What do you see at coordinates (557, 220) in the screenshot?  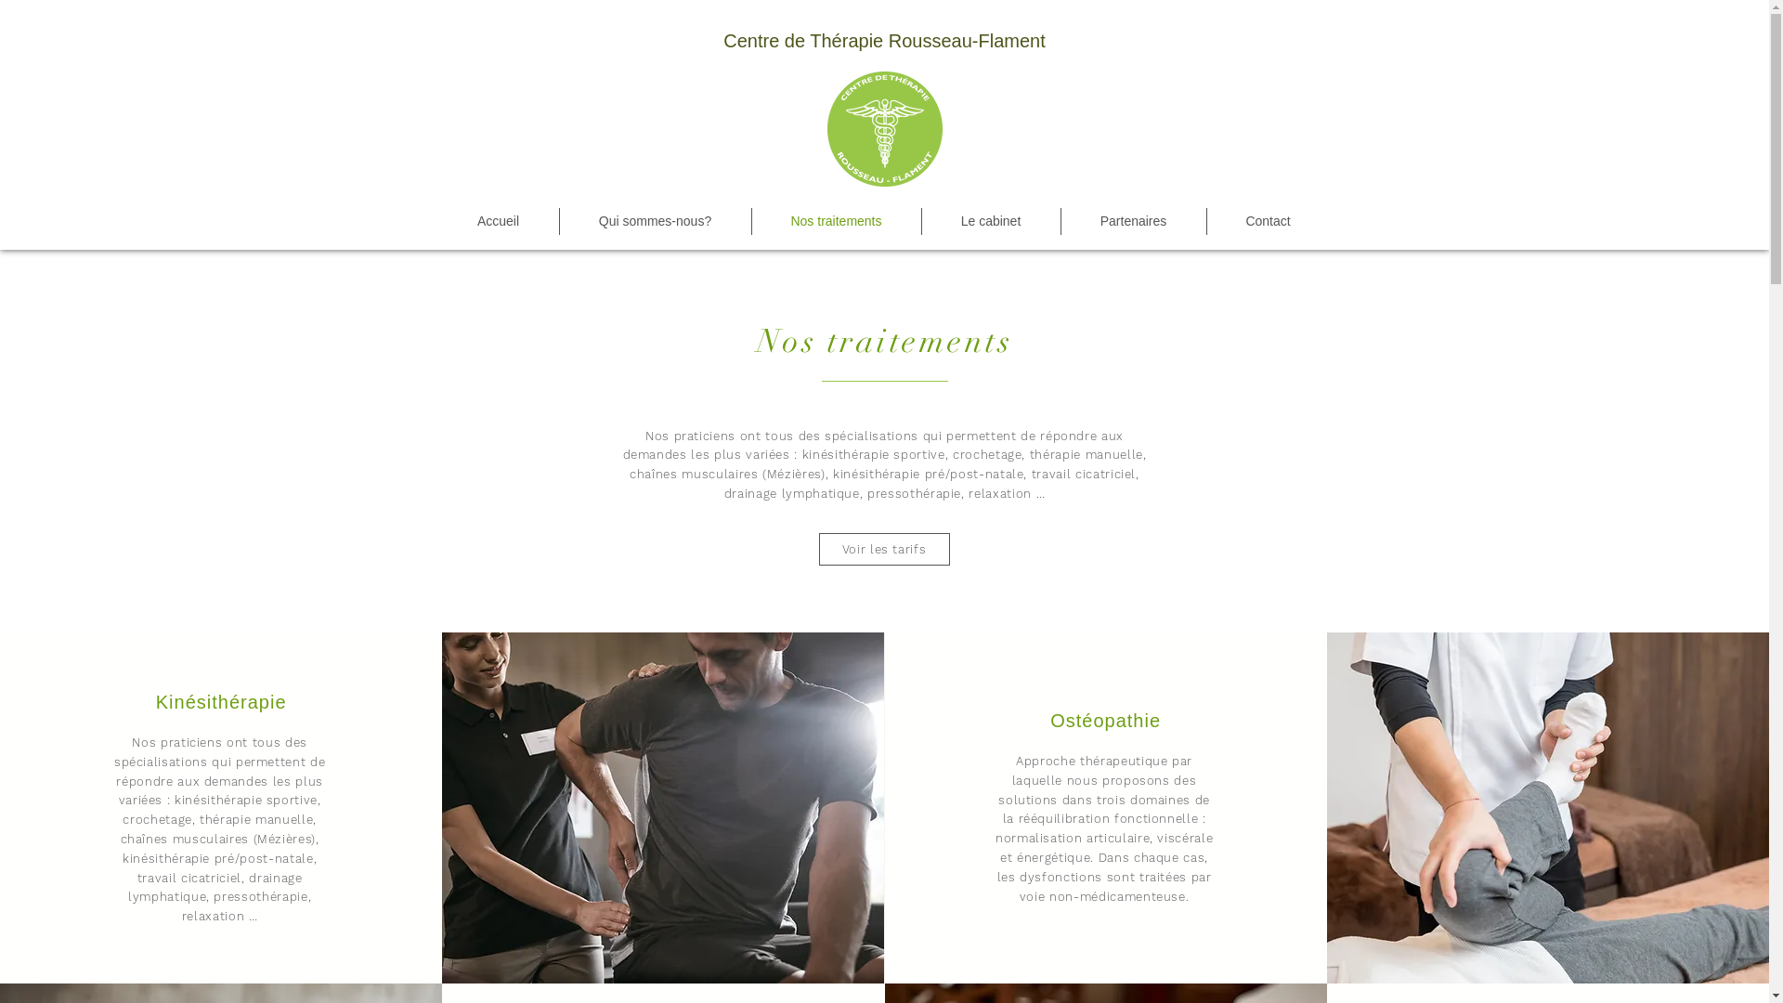 I see `'Qui sommes-nous?'` at bounding box center [557, 220].